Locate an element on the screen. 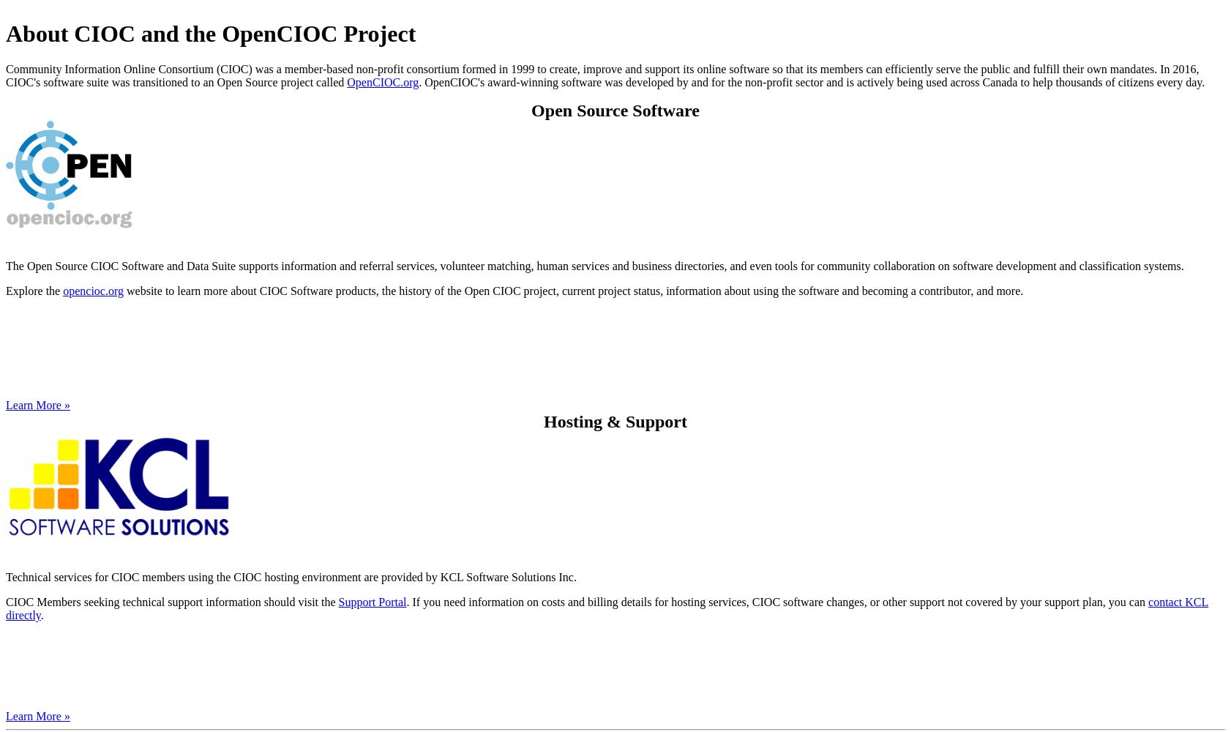 This screenshot has width=1231, height=732. 'Support Portal' is located at coordinates (372, 601).